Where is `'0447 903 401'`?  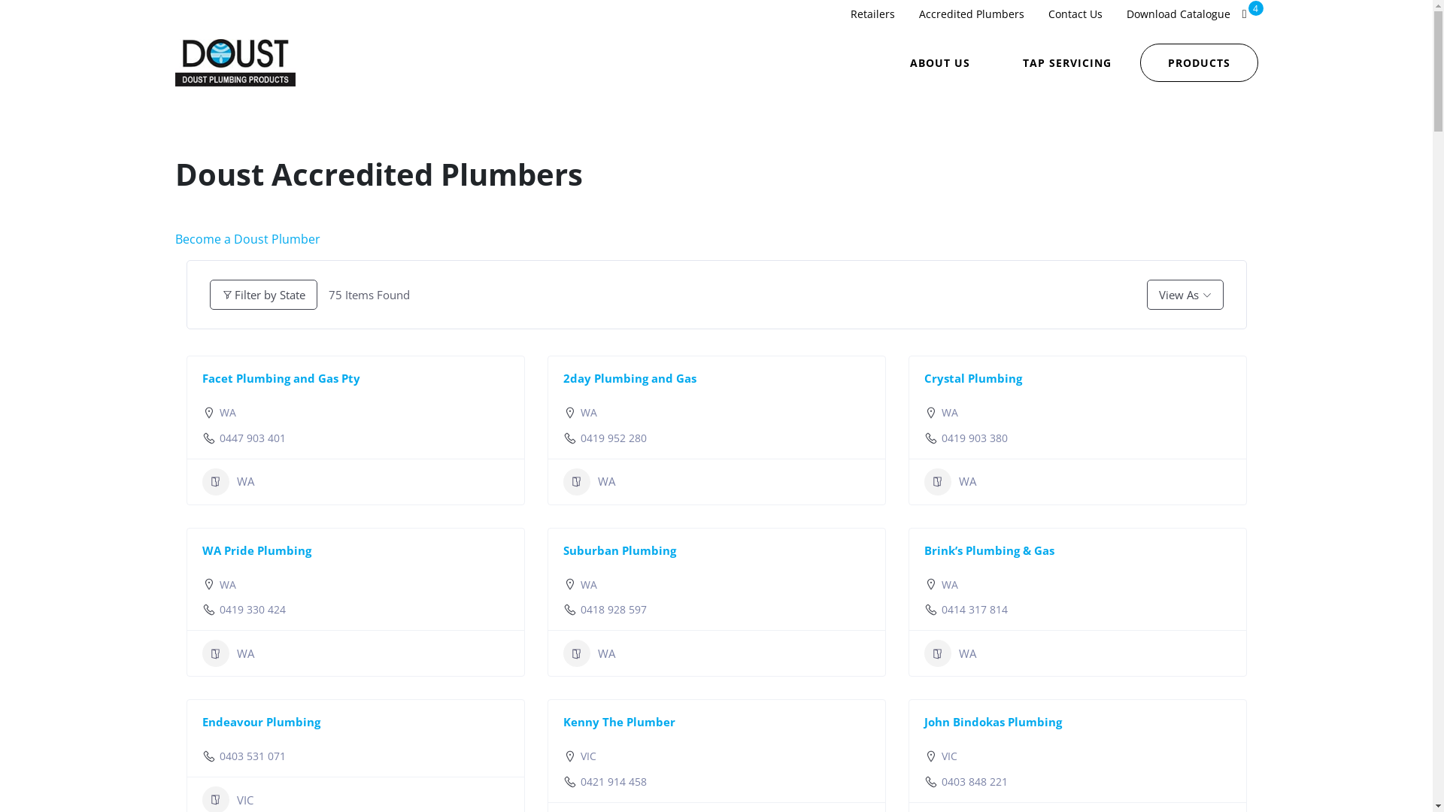 '0447 903 401' is located at coordinates (253, 438).